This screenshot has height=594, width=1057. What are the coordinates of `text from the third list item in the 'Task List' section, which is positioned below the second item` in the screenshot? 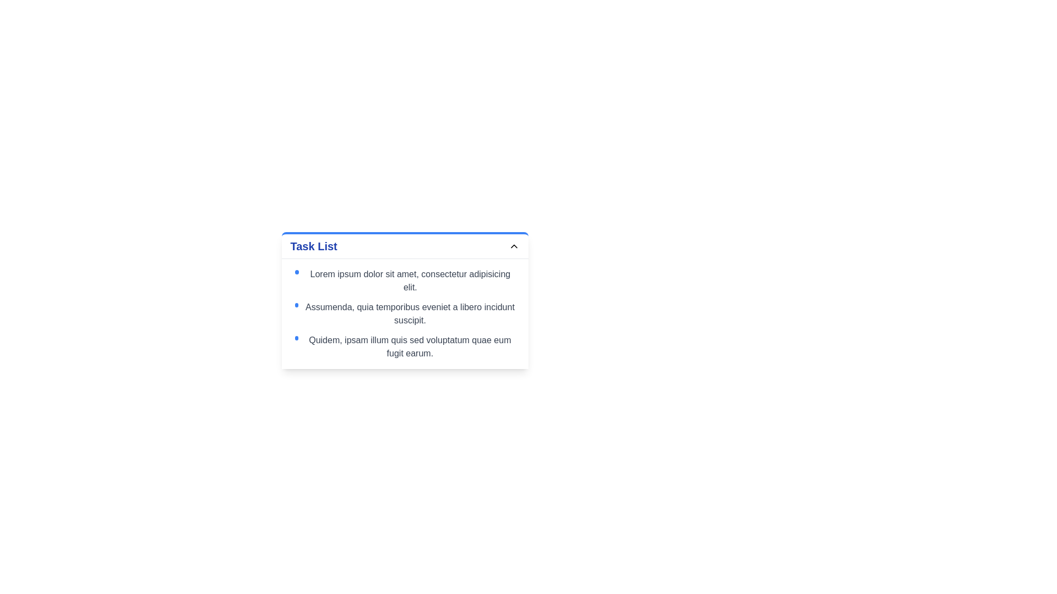 It's located at (404, 347).